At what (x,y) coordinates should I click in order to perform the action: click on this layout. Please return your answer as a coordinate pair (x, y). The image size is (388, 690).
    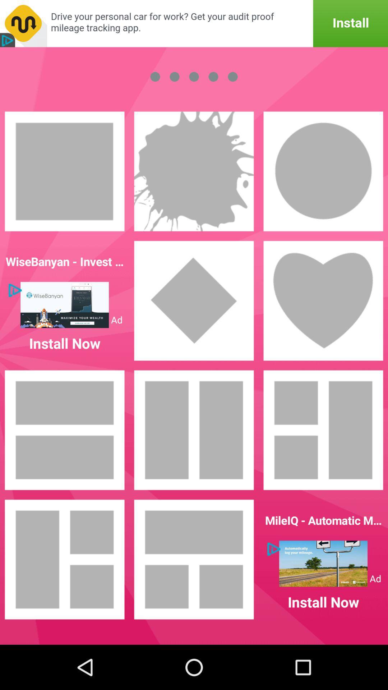
    Looking at the image, I should click on (194, 559).